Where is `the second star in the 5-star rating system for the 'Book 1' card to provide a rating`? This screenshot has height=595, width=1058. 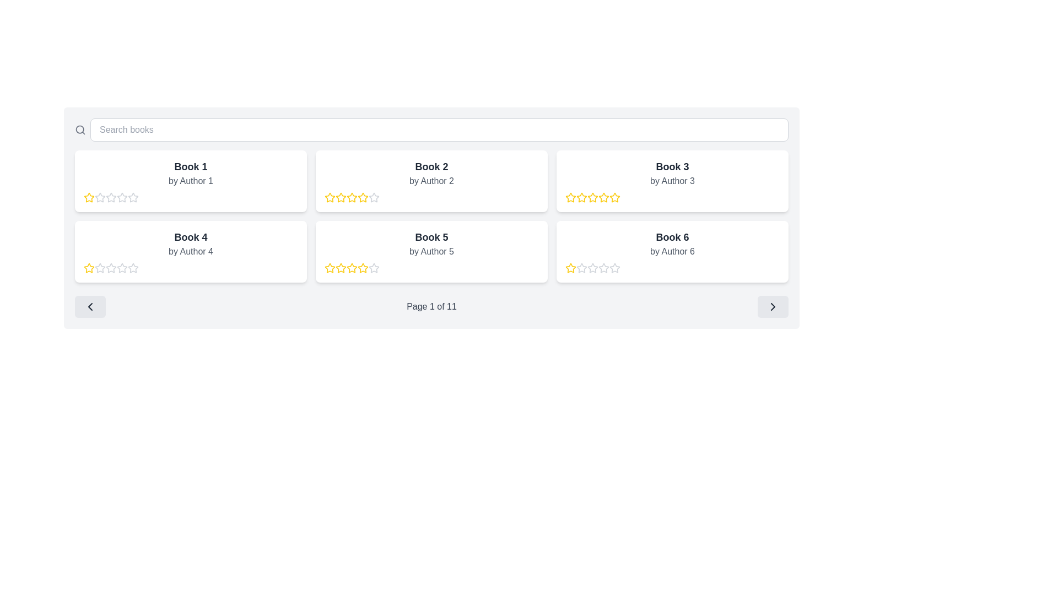
the second star in the 5-star rating system for the 'Book 1' card to provide a rating is located at coordinates (132, 197).